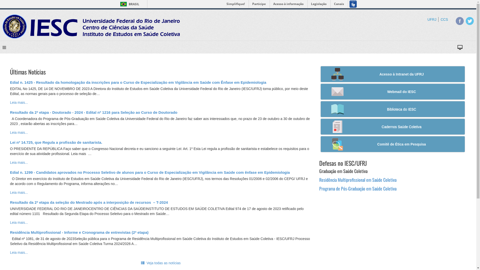 Image resolution: width=480 pixels, height=270 pixels. I want to click on 'Leia mais...', so click(19, 102).